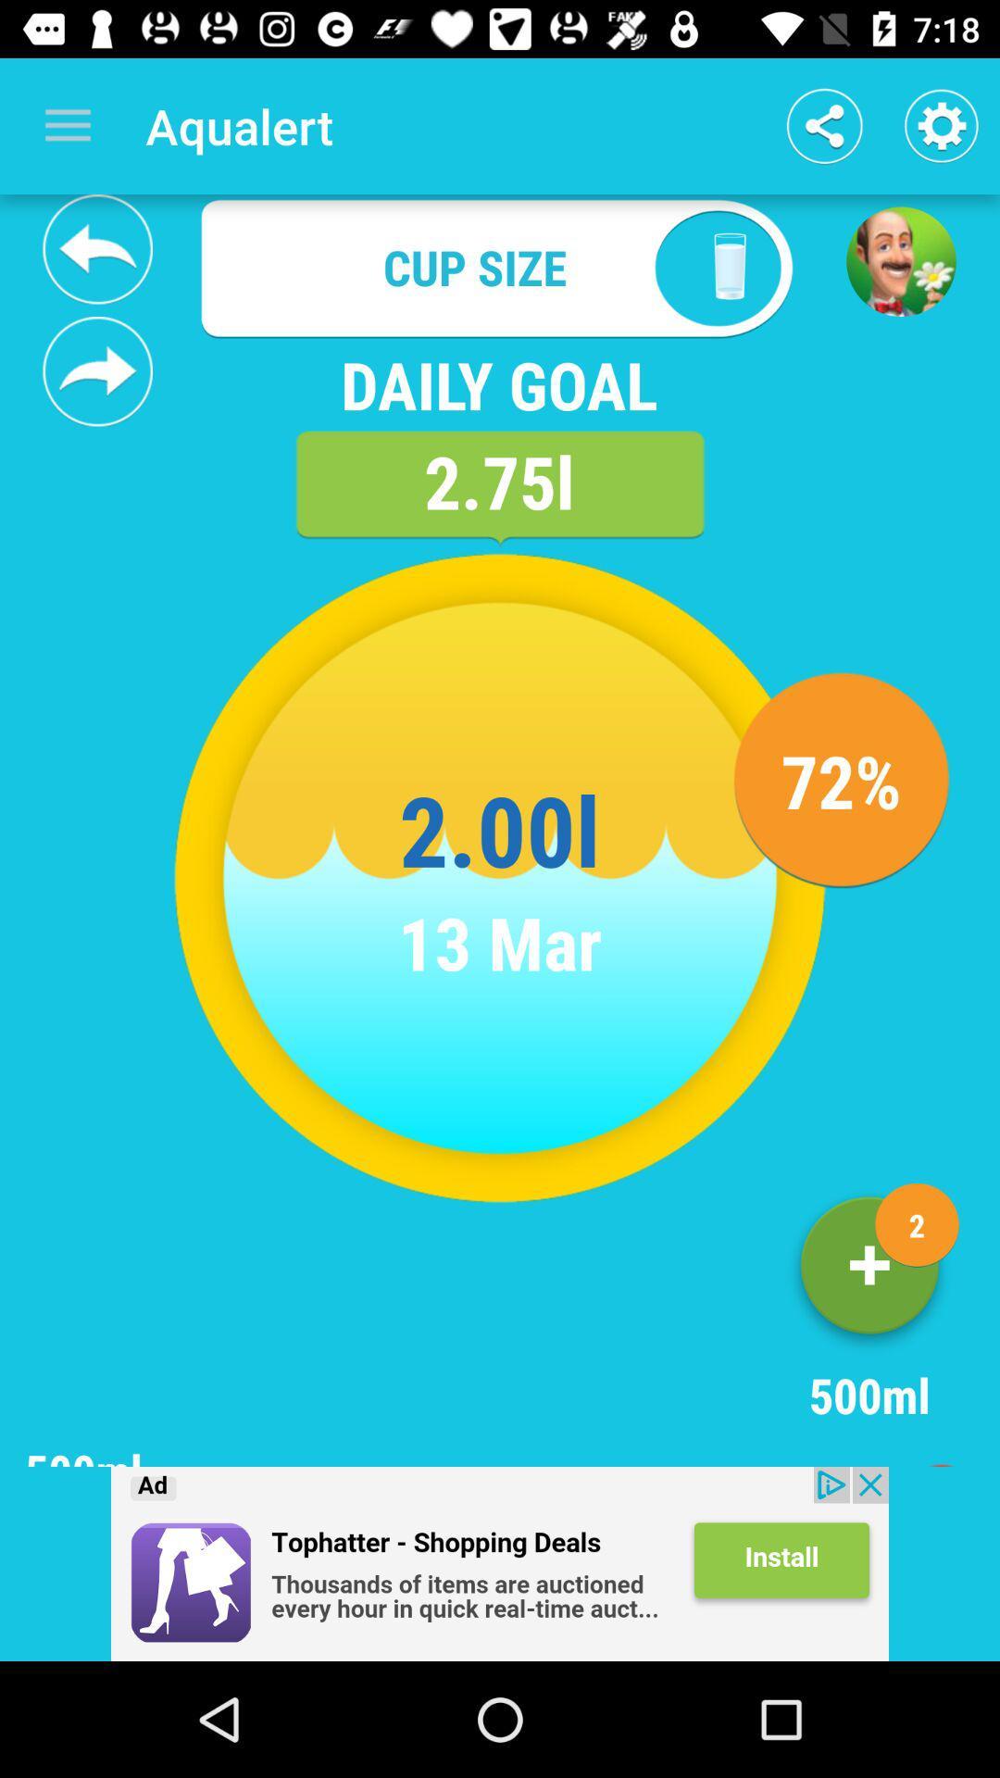  Describe the element at coordinates (97, 370) in the screenshot. I see `forward` at that location.